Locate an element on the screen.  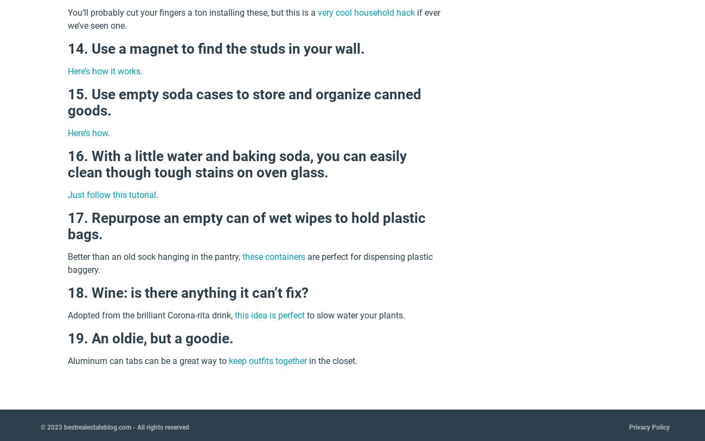
'these containers' is located at coordinates (274, 257).